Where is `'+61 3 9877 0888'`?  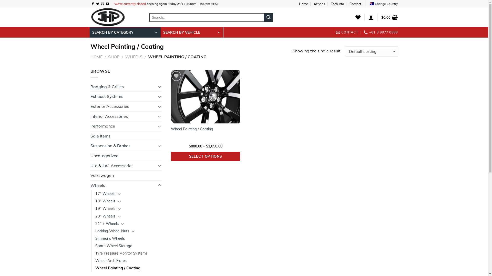 '+61 3 9877 0888' is located at coordinates (381, 32).